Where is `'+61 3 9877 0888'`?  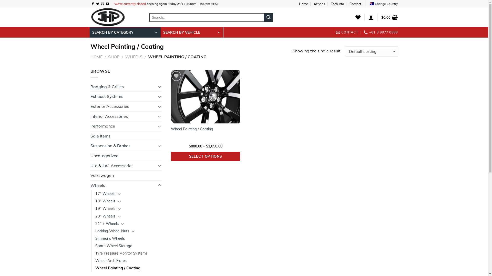 '+61 3 9877 0888' is located at coordinates (381, 32).